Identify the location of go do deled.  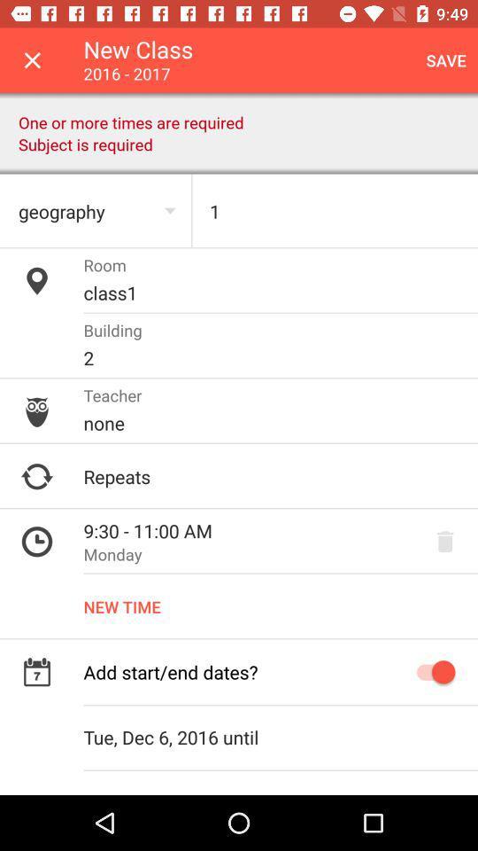
(444, 541).